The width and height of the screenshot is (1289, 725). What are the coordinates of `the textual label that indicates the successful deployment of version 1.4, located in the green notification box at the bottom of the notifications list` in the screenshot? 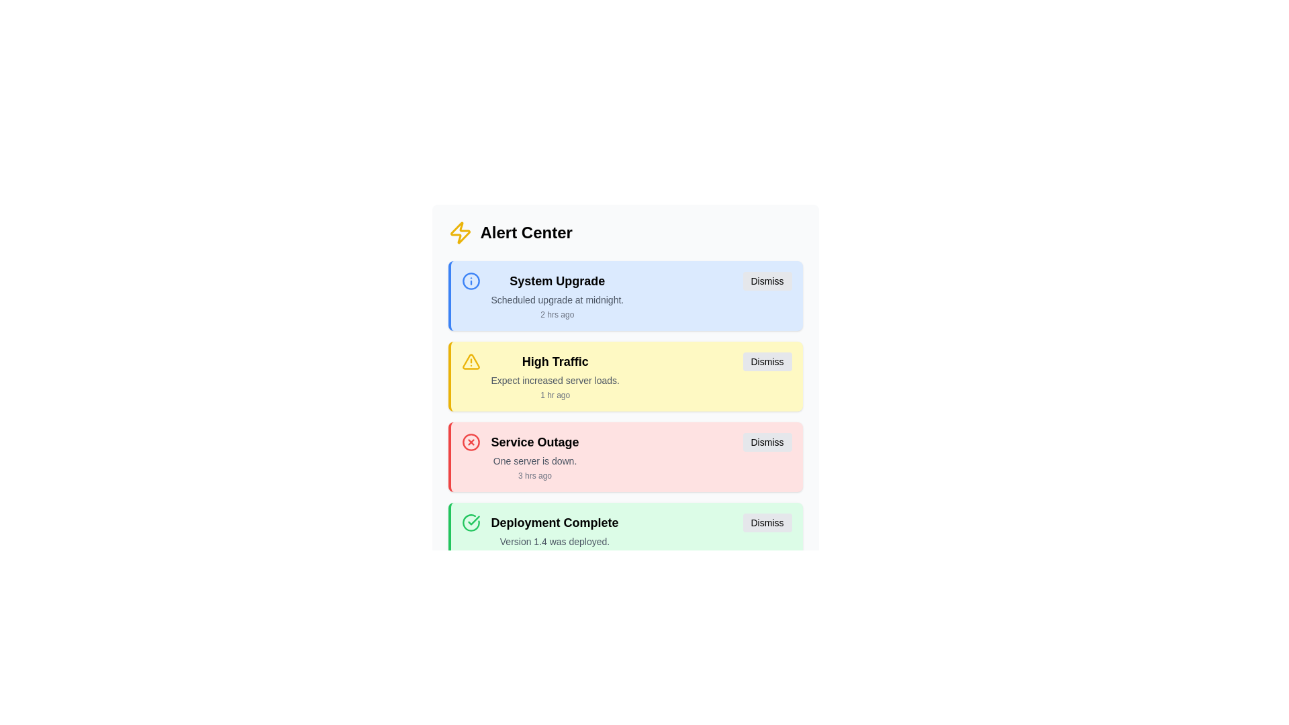 It's located at (555, 537).